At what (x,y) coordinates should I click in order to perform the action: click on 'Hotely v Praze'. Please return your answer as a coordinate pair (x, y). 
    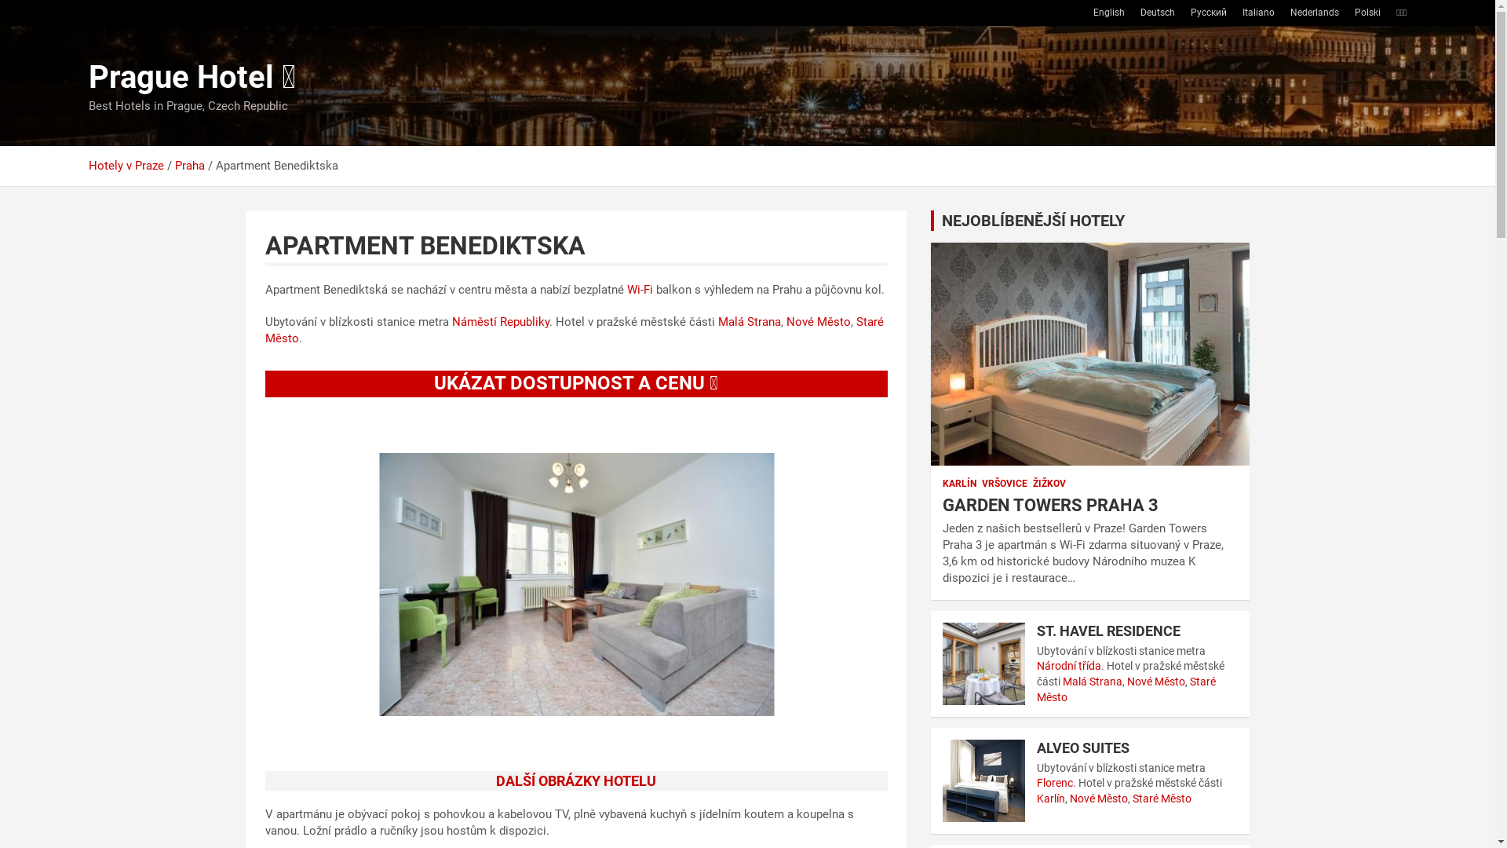
    Looking at the image, I should click on (124, 166).